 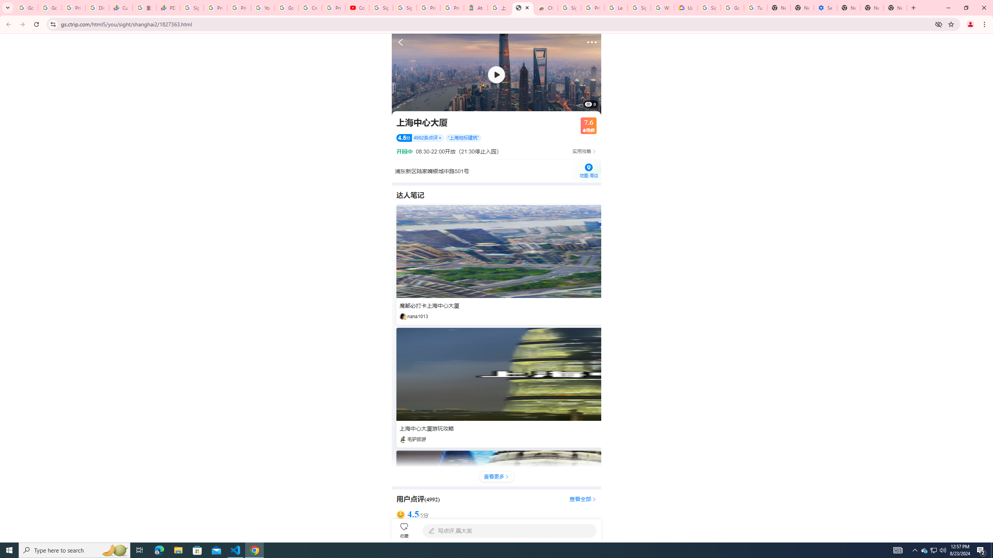 I want to click on 'Sign in - Google Accounts', so click(x=405, y=7).